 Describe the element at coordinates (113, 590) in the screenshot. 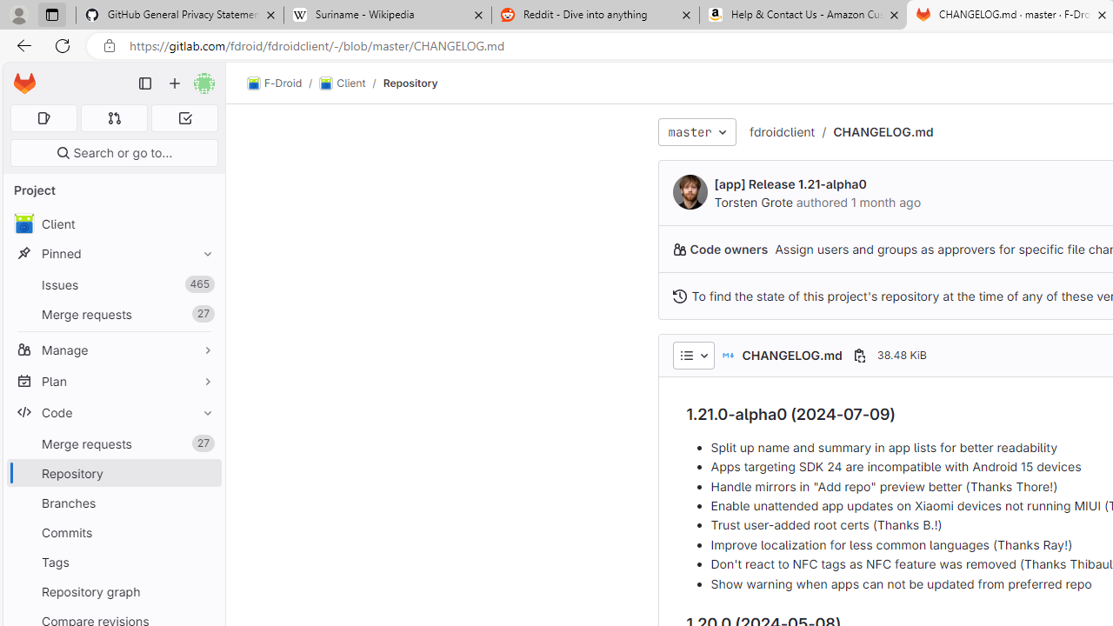

I see `'Repository graph'` at that location.